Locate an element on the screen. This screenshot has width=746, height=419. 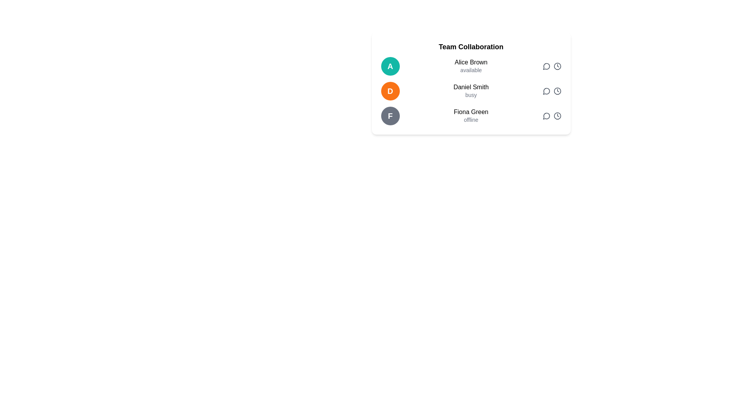
the circular chat bubble icon indicating a message or comment function for 'Alice Brown' in the 'Team Collaboration' list is located at coordinates (546, 66).